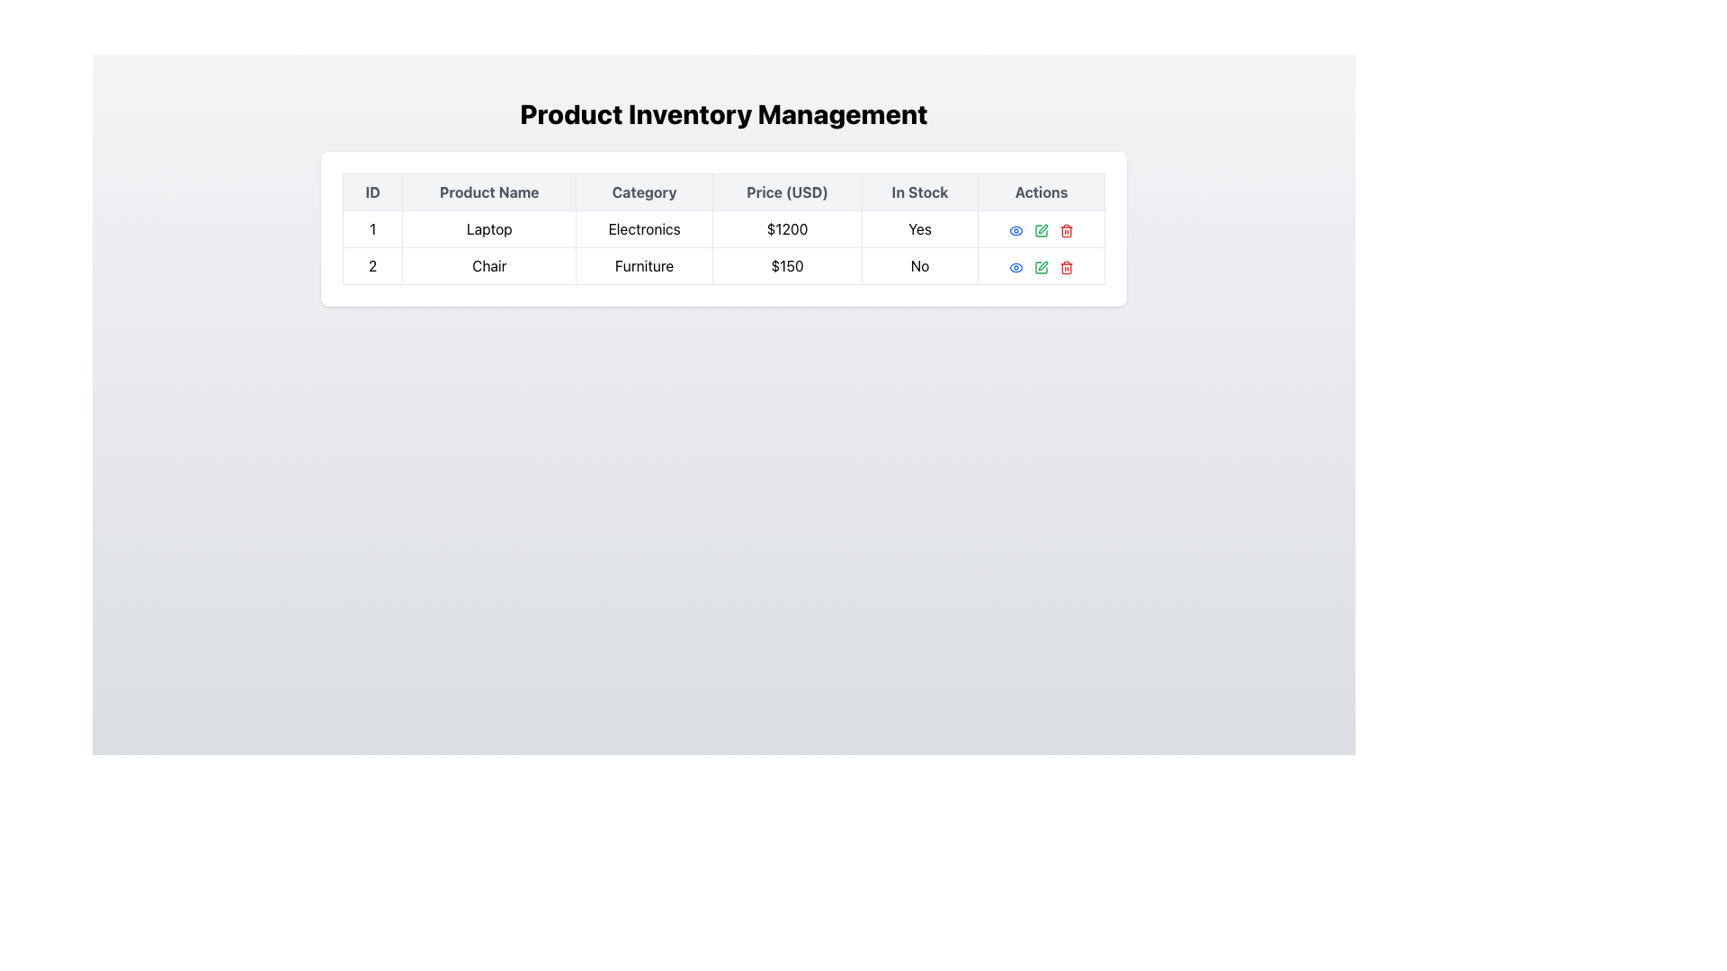  Describe the element at coordinates (489, 192) in the screenshot. I see `the 'Product Name' table column header` at that location.